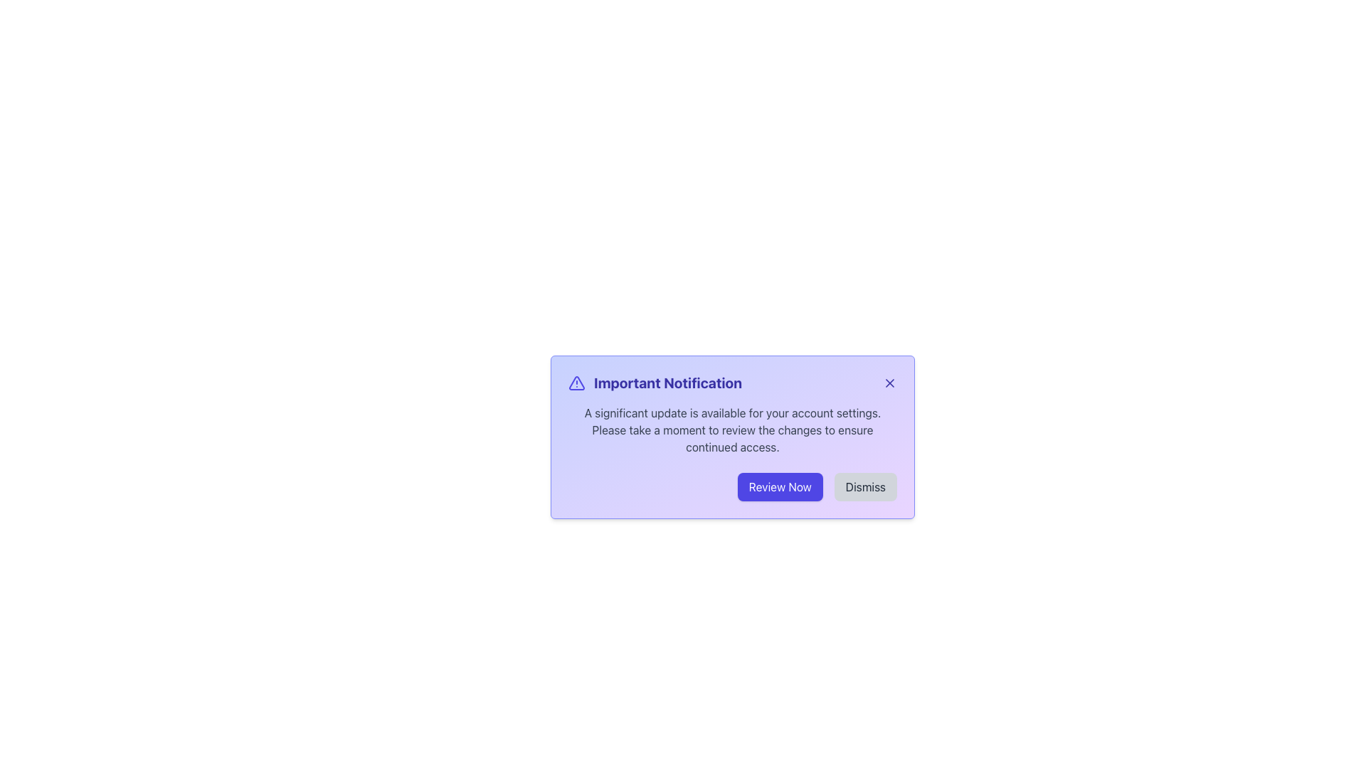 This screenshot has height=768, width=1366. What do you see at coordinates (733, 436) in the screenshot?
I see `the Notification Box that informs the user about an important account setting update, which is centrally located in the notification interface` at bounding box center [733, 436].